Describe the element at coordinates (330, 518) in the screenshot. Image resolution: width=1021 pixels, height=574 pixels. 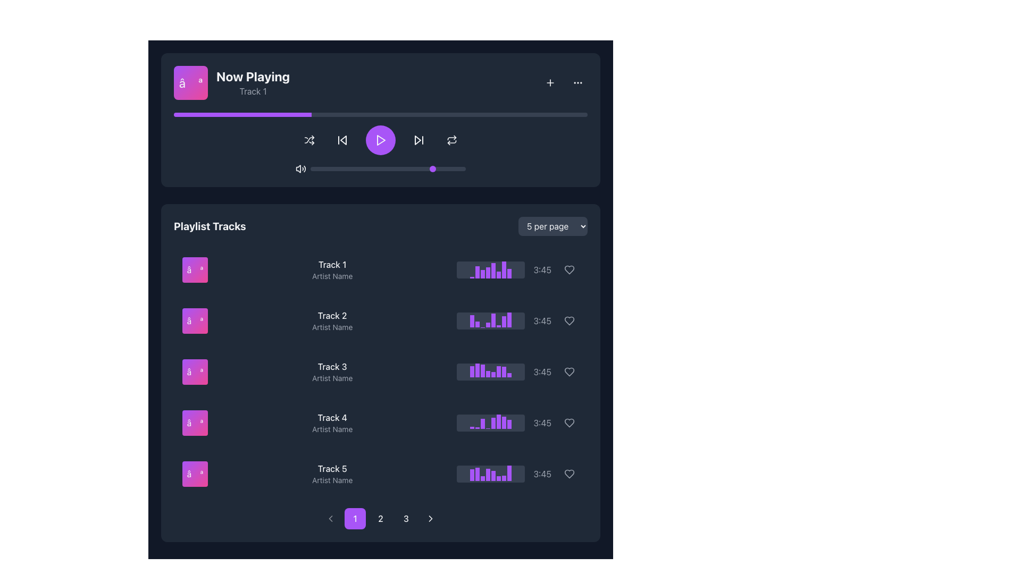
I see `the navigational icon button located at the bottom left of the pagination section` at that location.